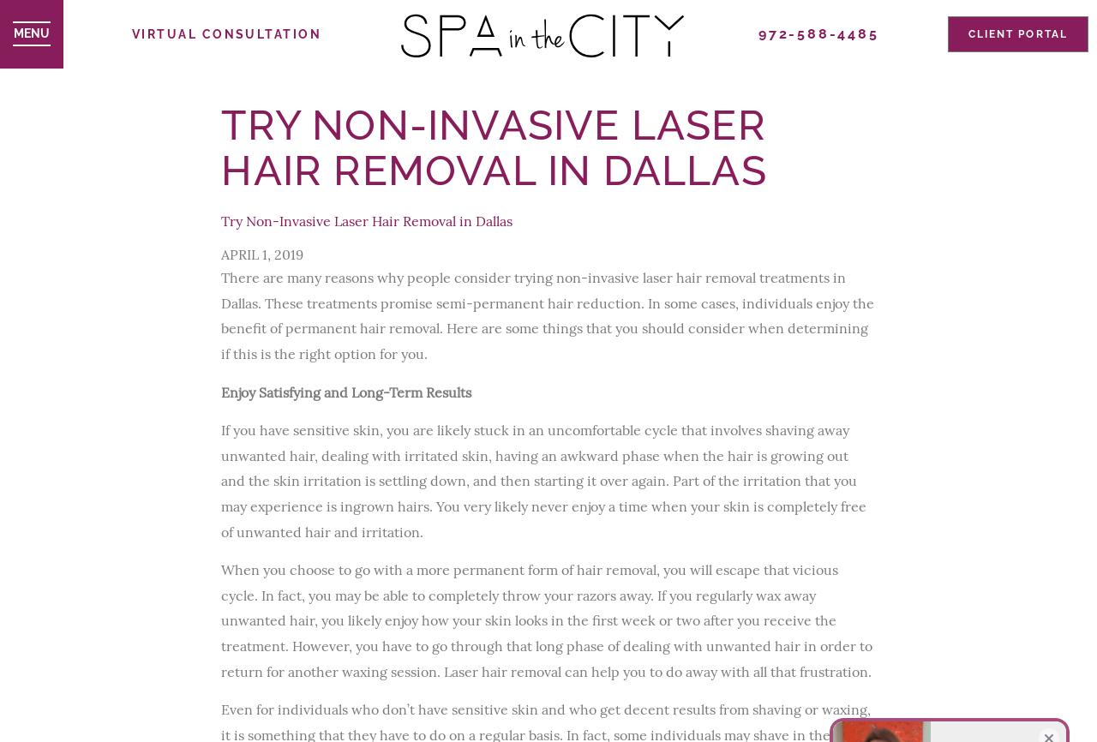 Image resolution: width=1097 pixels, height=742 pixels. Describe the element at coordinates (220, 619) in the screenshot. I see `'When you choose to go with a more permanent form of hair removal, you will escape that vicious cycle. In fact, you may be able to completely throw your razors away. If you regularly wax away unwanted hair, you likely enjoy how your skin looks in the first week or two after you receive the treatment. However, you have to go through that long phase of dealing with unwanted hair in order to return for another waxing session. Laser hair removal can help you to do away with all that frustration.'` at that location.